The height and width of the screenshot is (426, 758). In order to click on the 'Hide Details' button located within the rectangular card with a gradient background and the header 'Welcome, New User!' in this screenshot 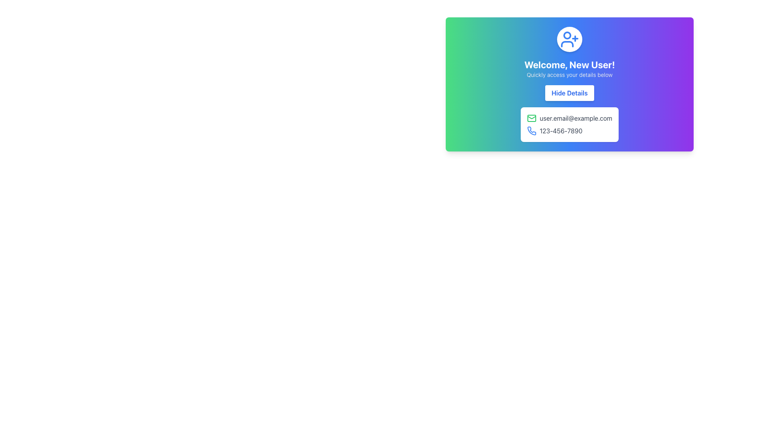, I will do `click(570, 84)`.